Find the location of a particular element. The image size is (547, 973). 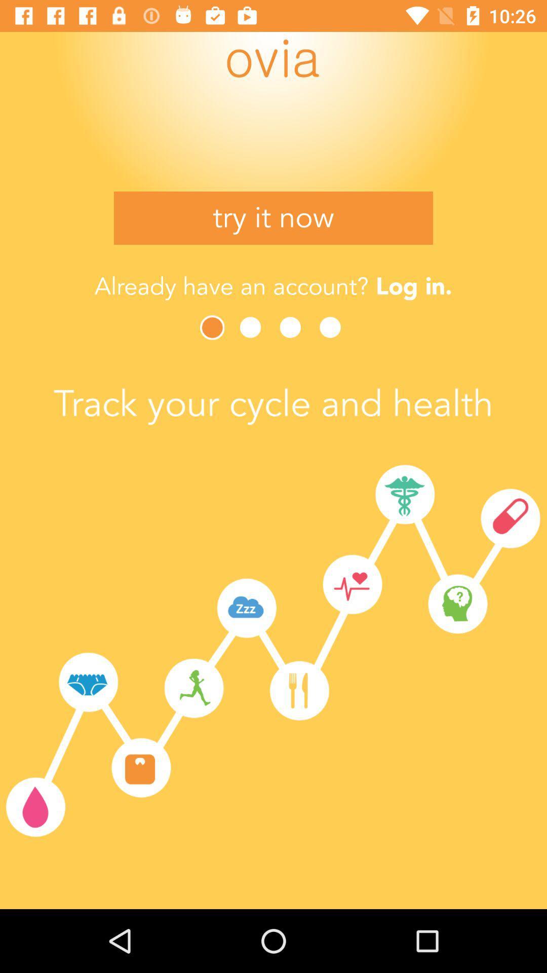

see the next tip is located at coordinates (333, 327).